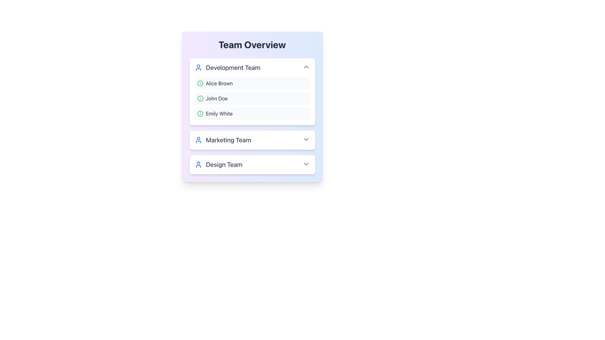 The width and height of the screenshot is (605, 340). What do you see at coordinates (252, 68) in the screenshot?
I see `the Expandable Section Header that represents the Development Team` at bounding box center [252, 68].